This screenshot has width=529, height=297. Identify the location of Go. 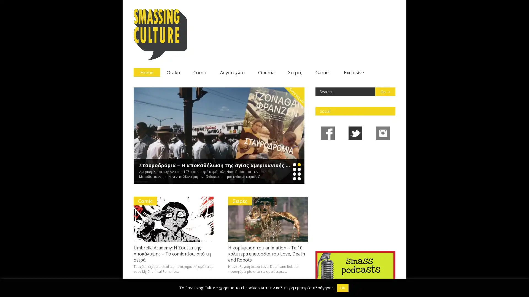
(385, 91).